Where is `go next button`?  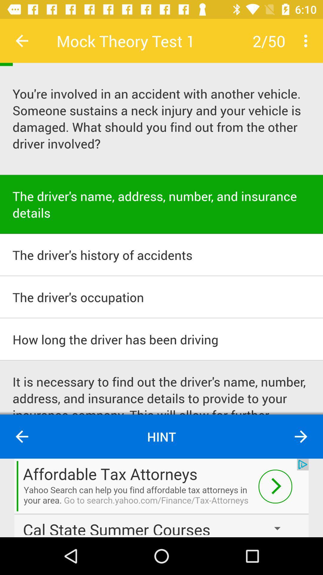 go next button is located at coordinates (301, 437).